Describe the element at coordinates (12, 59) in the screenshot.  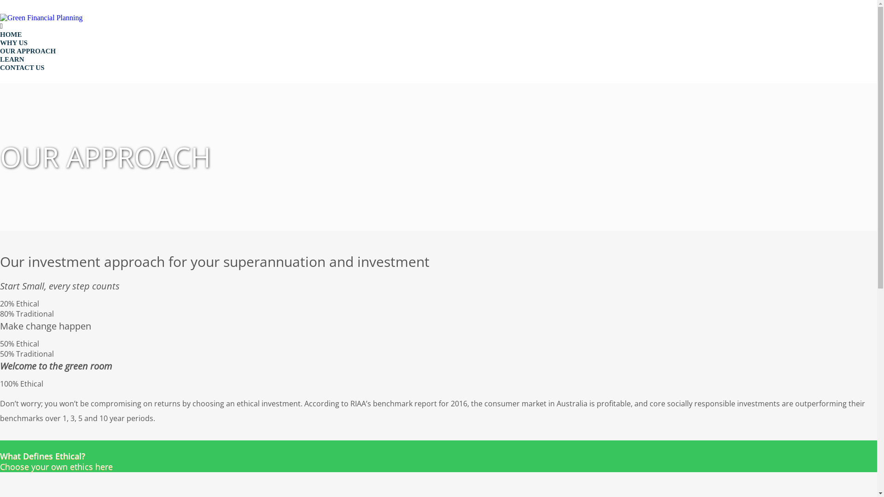
I see `'LEARN'` at that location.